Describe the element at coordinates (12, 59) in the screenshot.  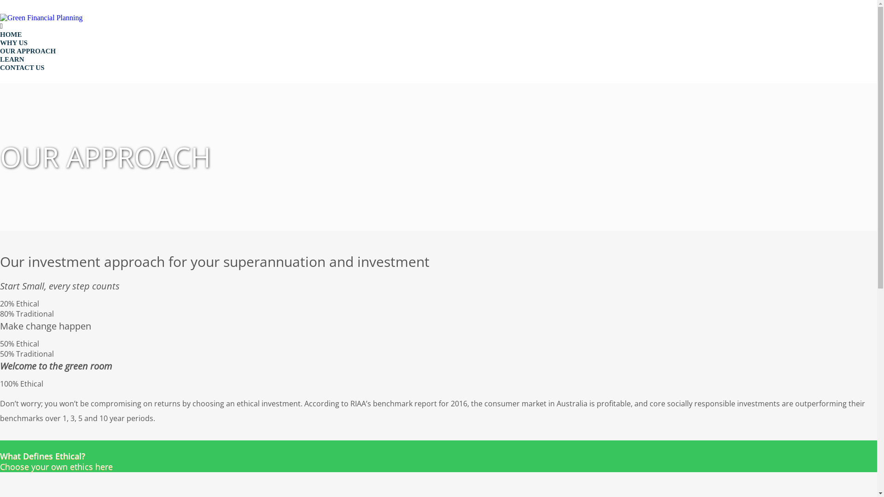
I see `'LEARN'` at that location.